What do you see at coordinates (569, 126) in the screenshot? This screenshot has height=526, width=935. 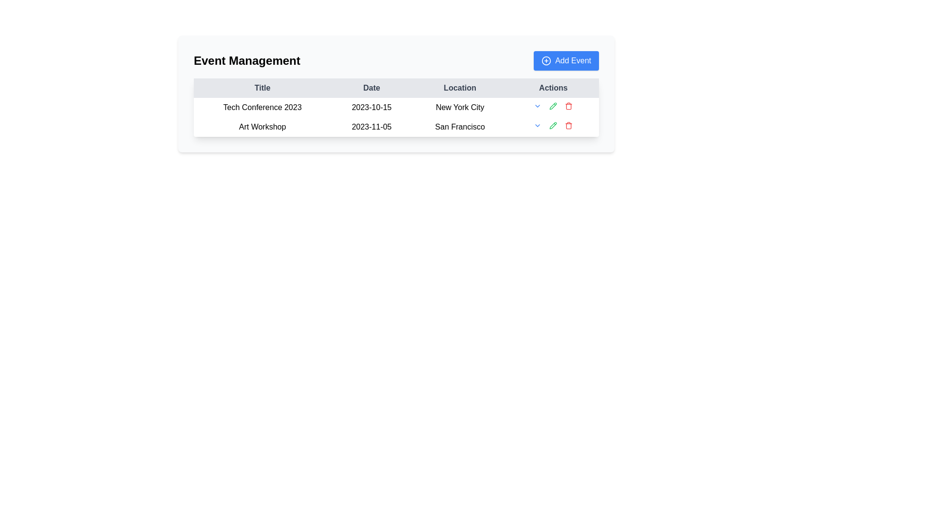 I see `the garbage bin icon in the 'Actions' column of the second row in the 'Event Management' table` at bounding box center [569, 126].